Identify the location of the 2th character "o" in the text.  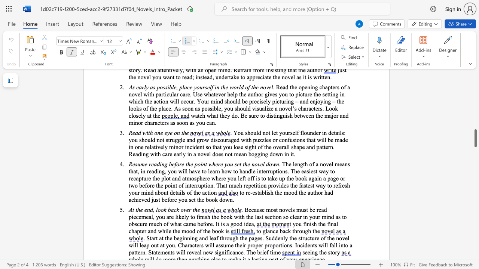
(162, 210).